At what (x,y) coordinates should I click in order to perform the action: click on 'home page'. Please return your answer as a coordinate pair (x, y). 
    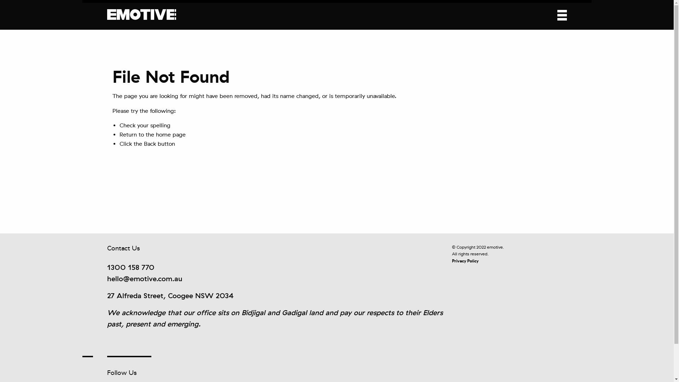
    Looking at the image, I should click on (170, 134).